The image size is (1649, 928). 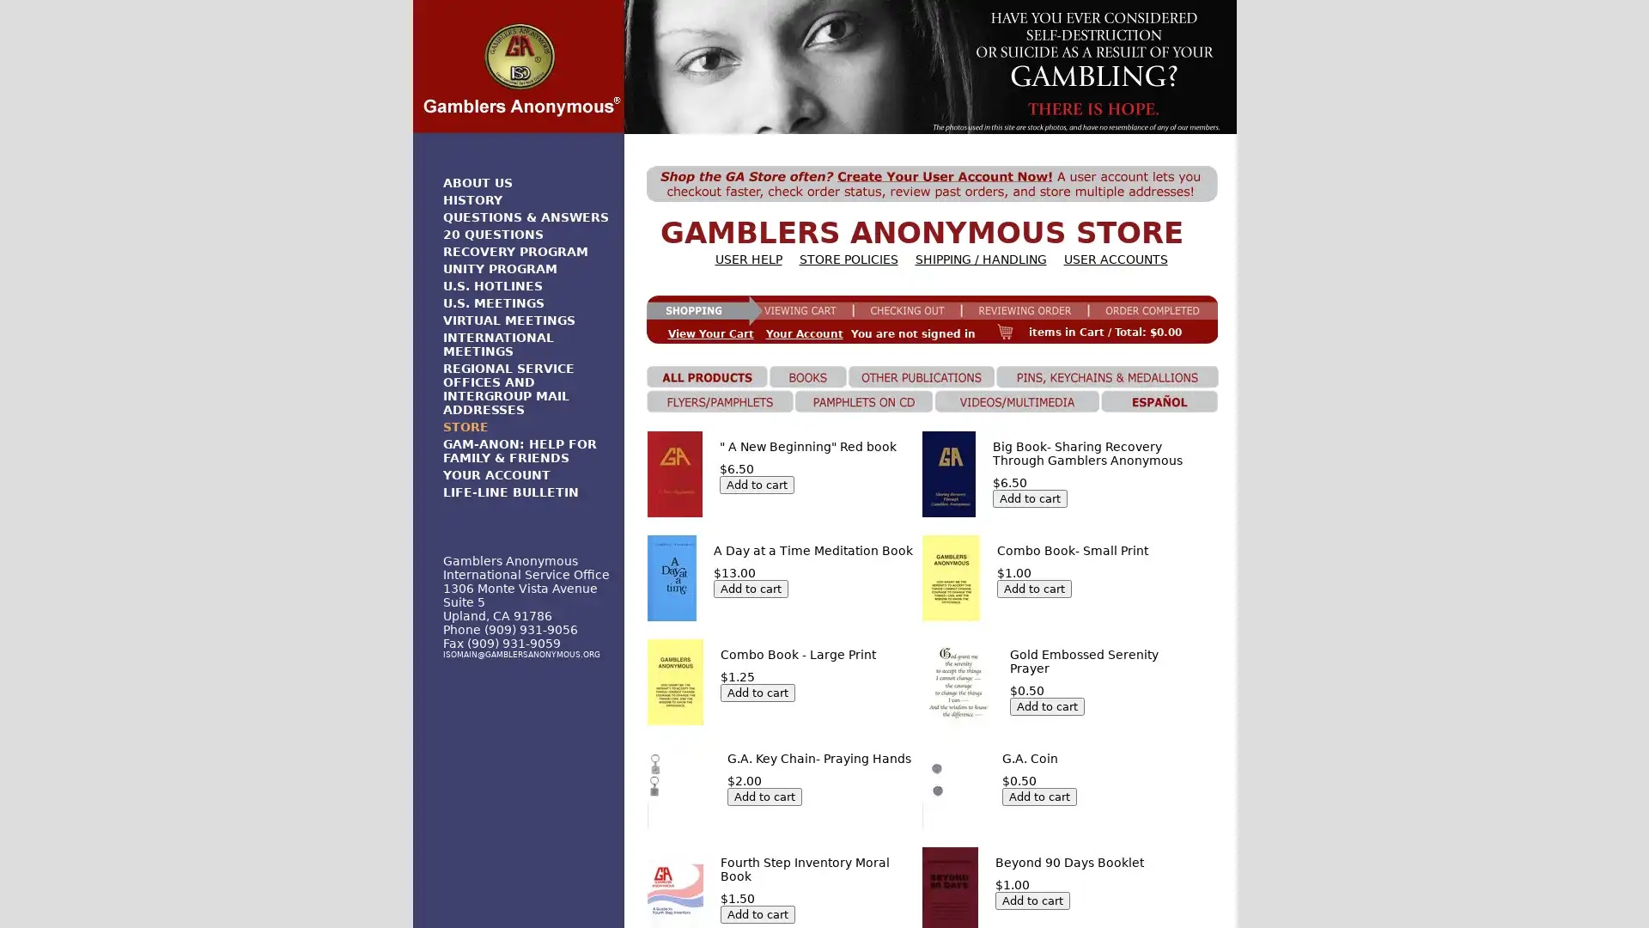 I want to click on Add to cart, so click(x=1031, y=899).